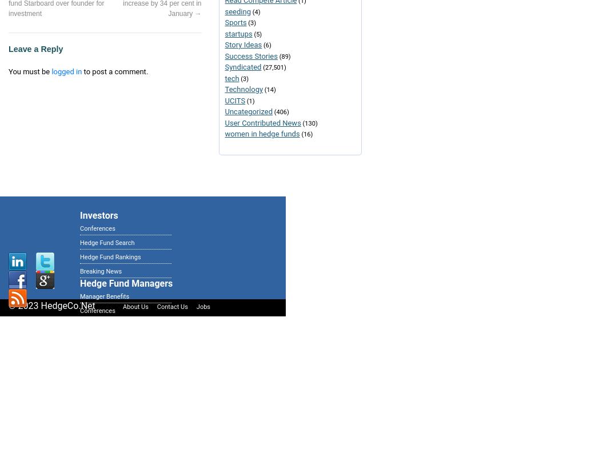 The image size is (603, 454). I want to click on 'Breaking News', so click(101, 271).